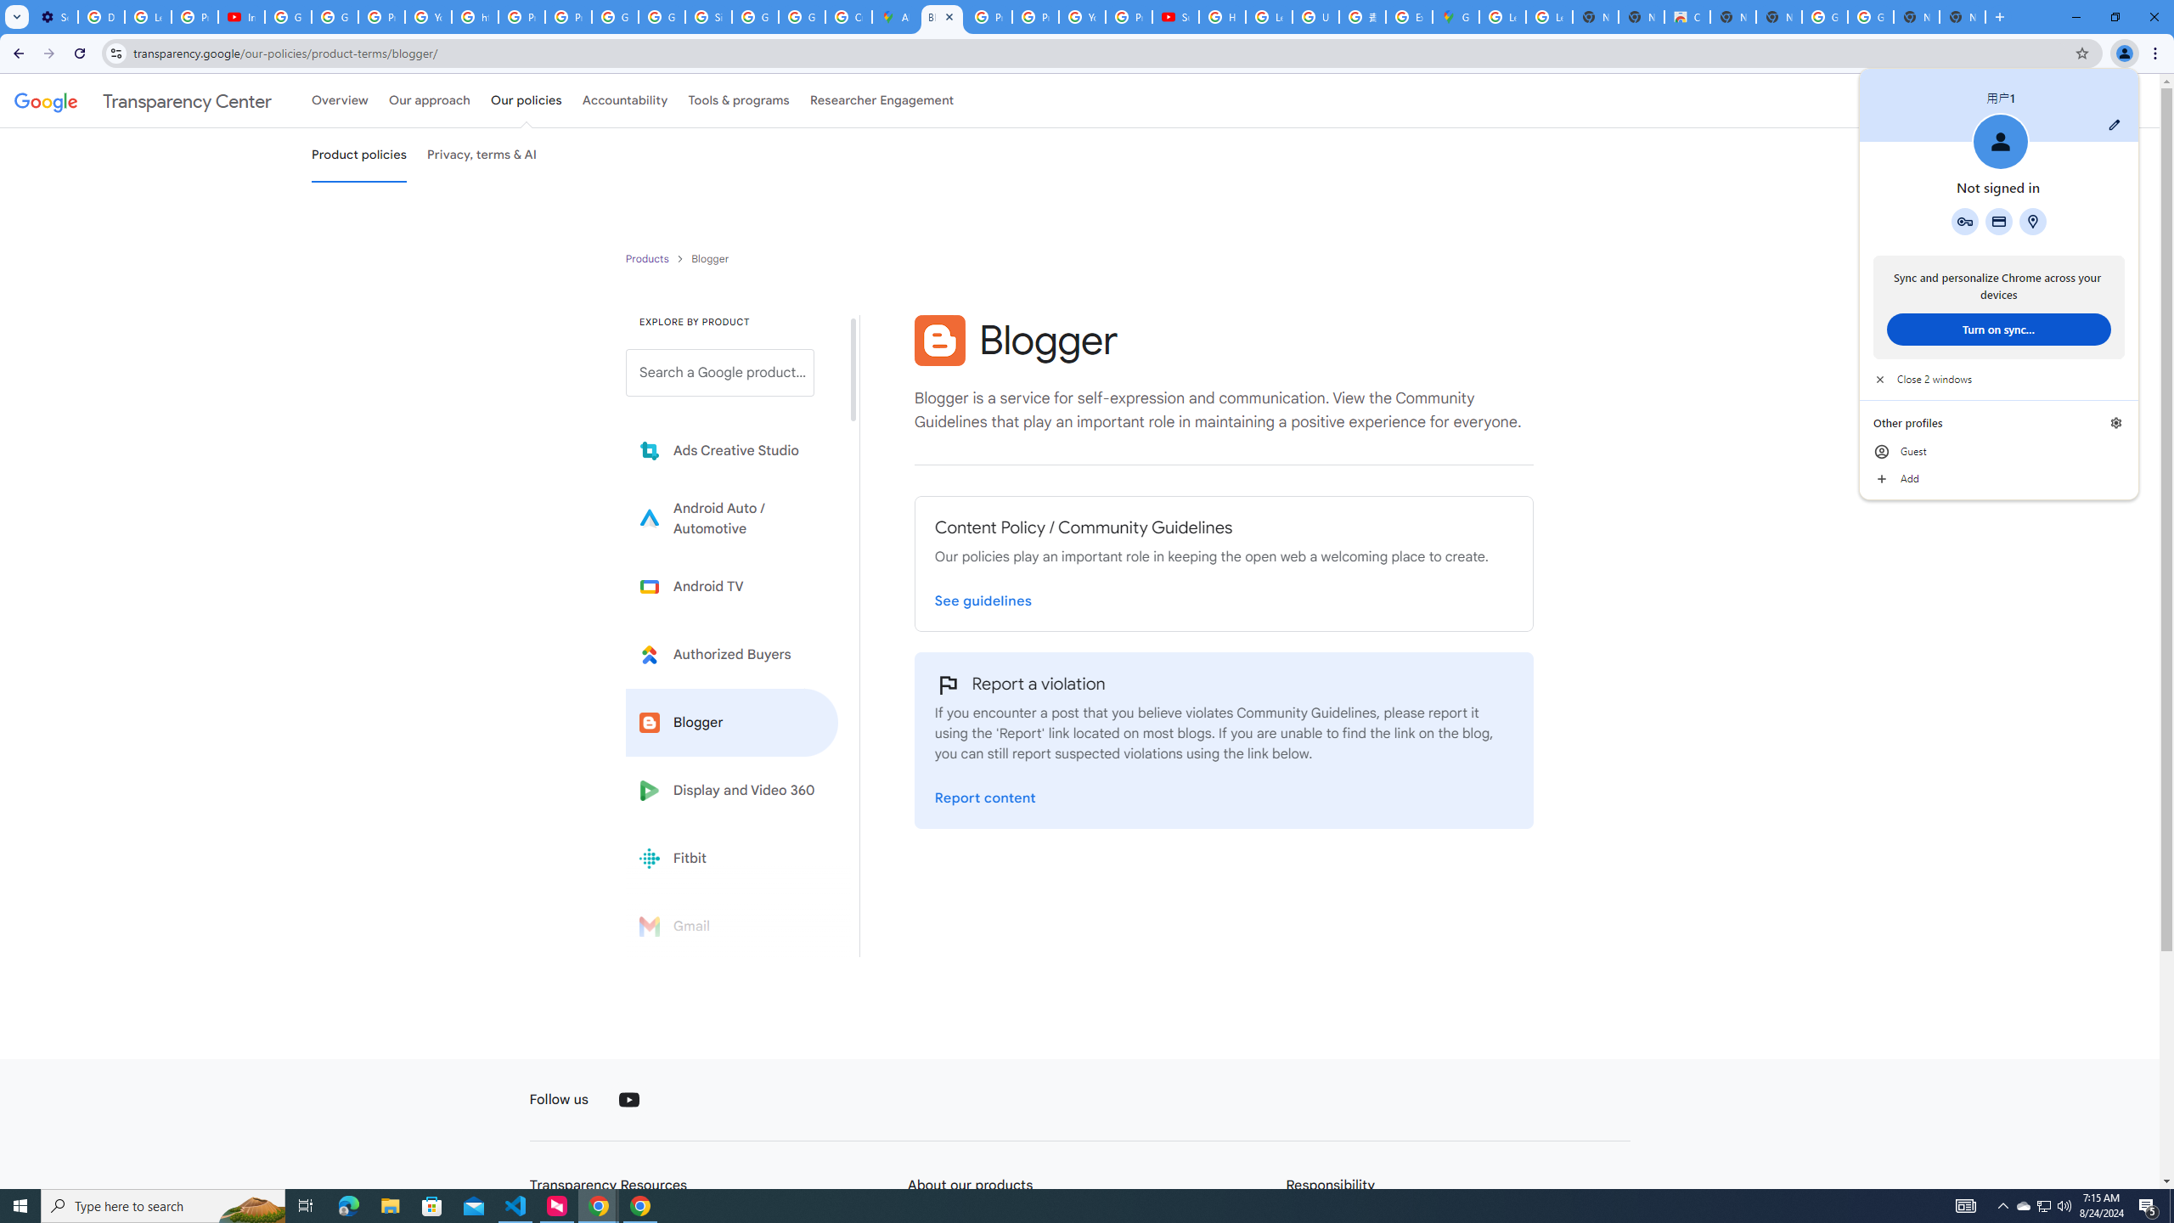 Image resolution: width=2174 pixels, height=1223 pixels. What do you see at coordinates (984, 797) in the screenshot?
I see `'Report a violation on the Blogger Report page'` at bounding box center [984, 797].